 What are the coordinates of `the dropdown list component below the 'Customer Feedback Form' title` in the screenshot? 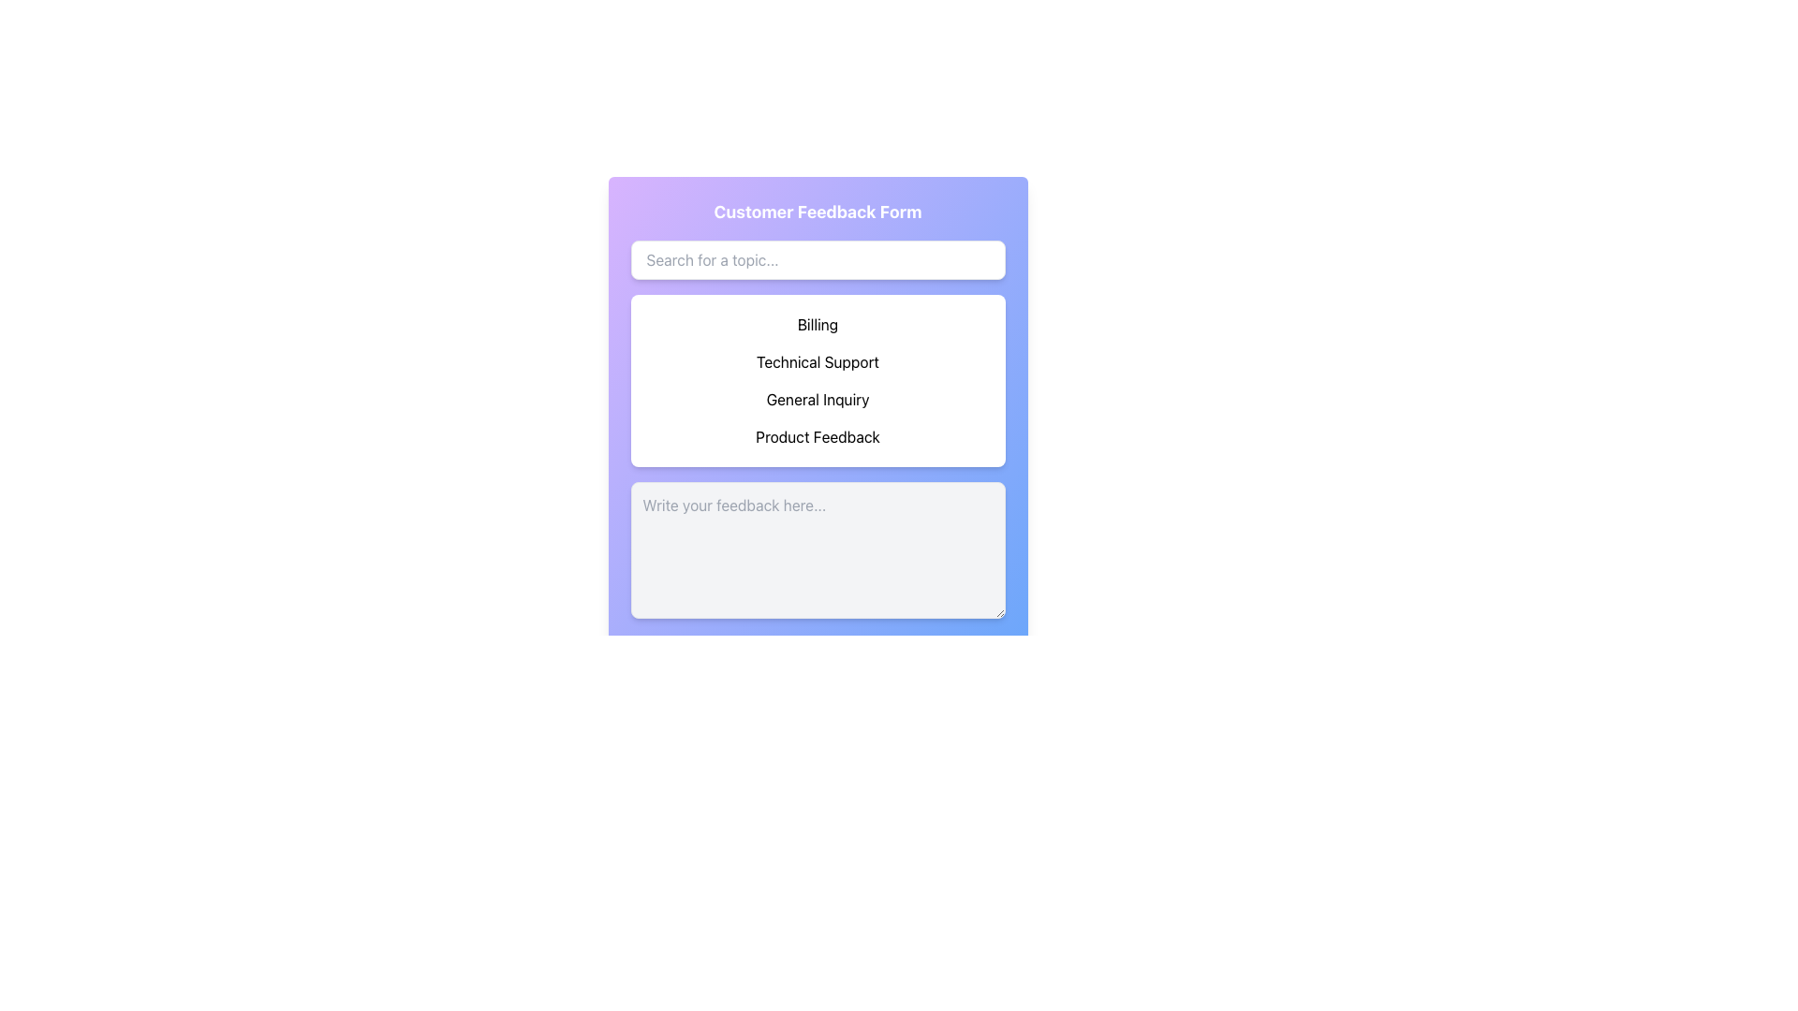 It's located at (818, 380).